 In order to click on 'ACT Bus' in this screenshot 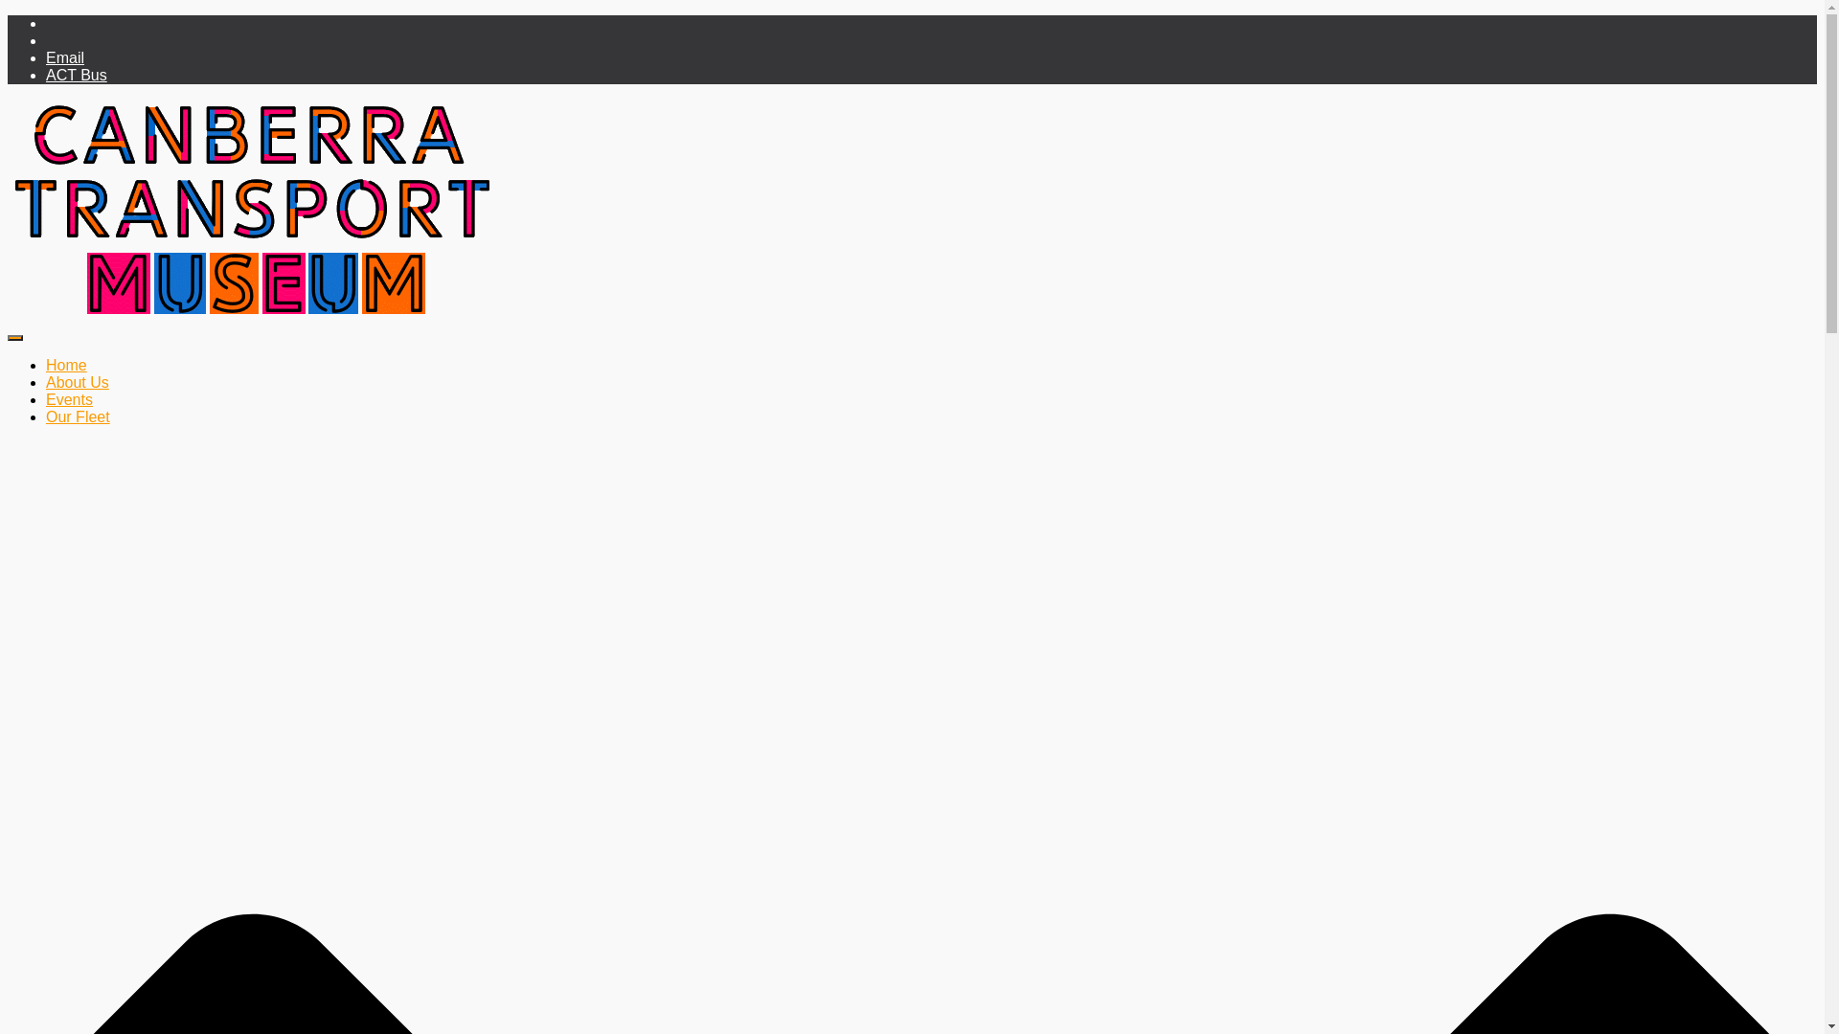, I will do `click(77, 74)`.